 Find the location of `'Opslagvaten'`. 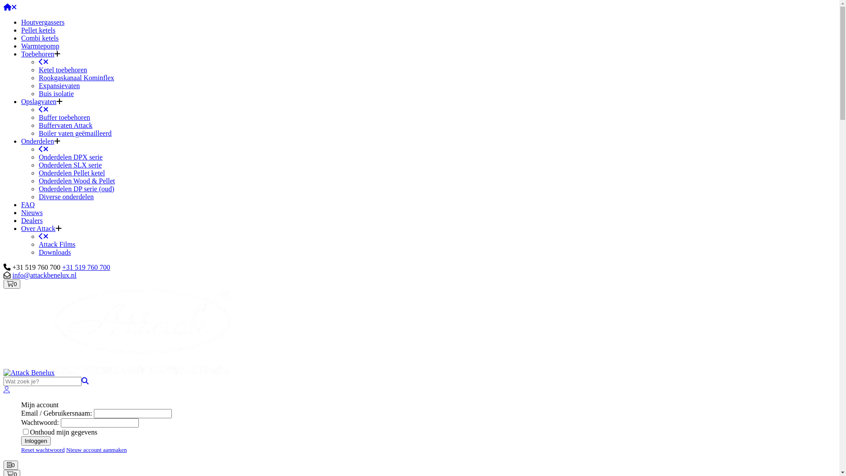

'Opslagvaten' is located at coordinates (21, 101).